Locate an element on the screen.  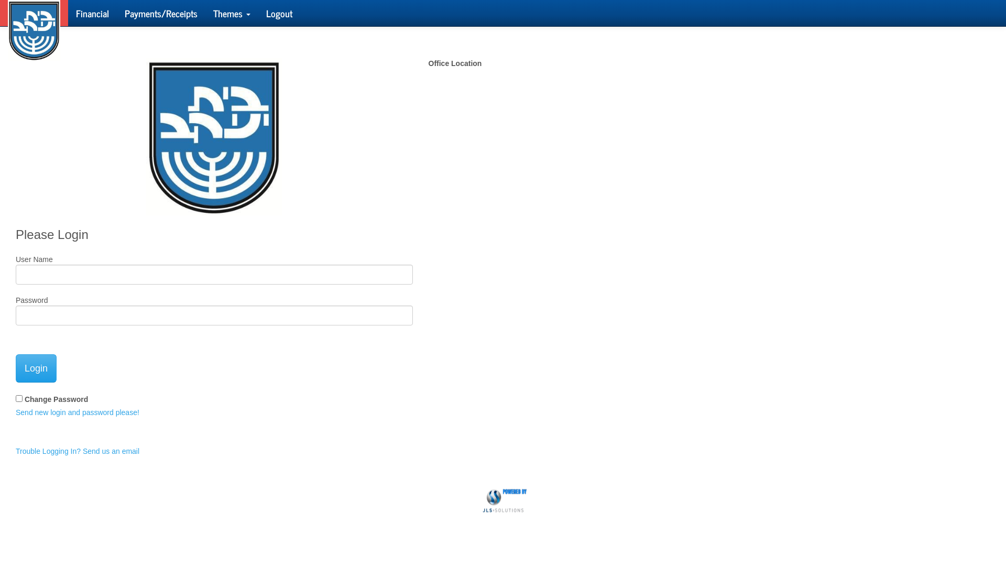
'Financial' is located at coordinates (92, 13).